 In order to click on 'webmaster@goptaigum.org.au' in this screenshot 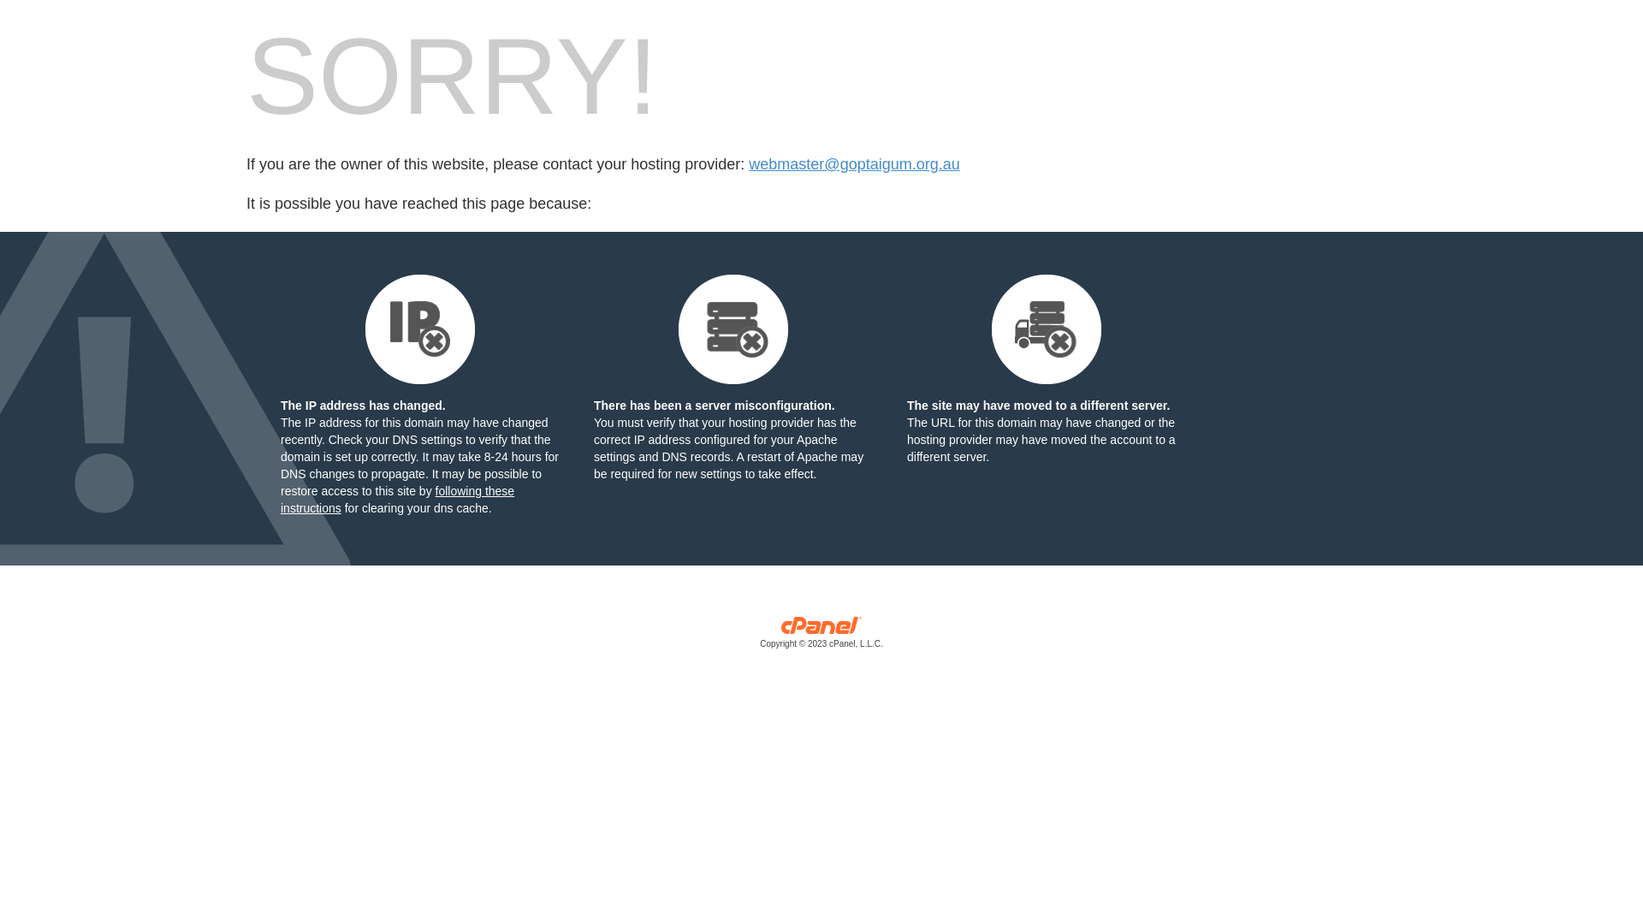, I will do `click(854, 164)`.